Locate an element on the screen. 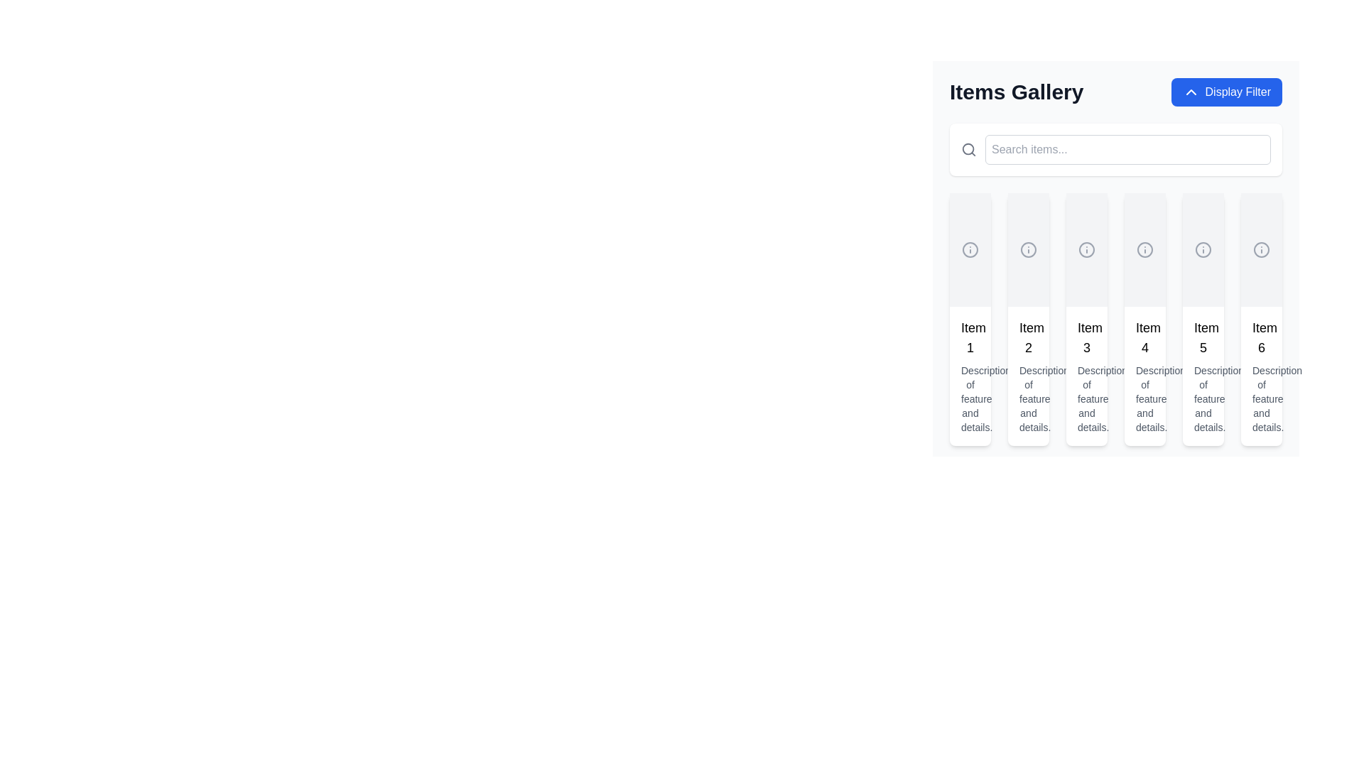  the information icon in the header area of the first card, which has a light gray background and a centered 'i' symbol is located at coordinates (970, 249).